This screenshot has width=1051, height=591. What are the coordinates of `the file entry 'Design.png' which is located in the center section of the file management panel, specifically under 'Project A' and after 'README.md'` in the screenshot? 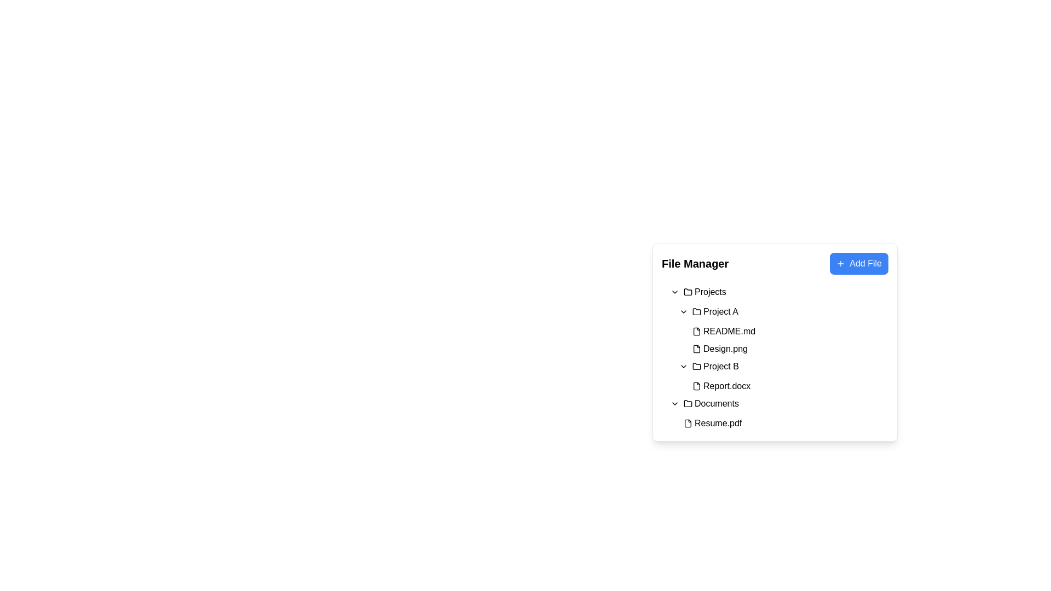 It's located at (788, 349).